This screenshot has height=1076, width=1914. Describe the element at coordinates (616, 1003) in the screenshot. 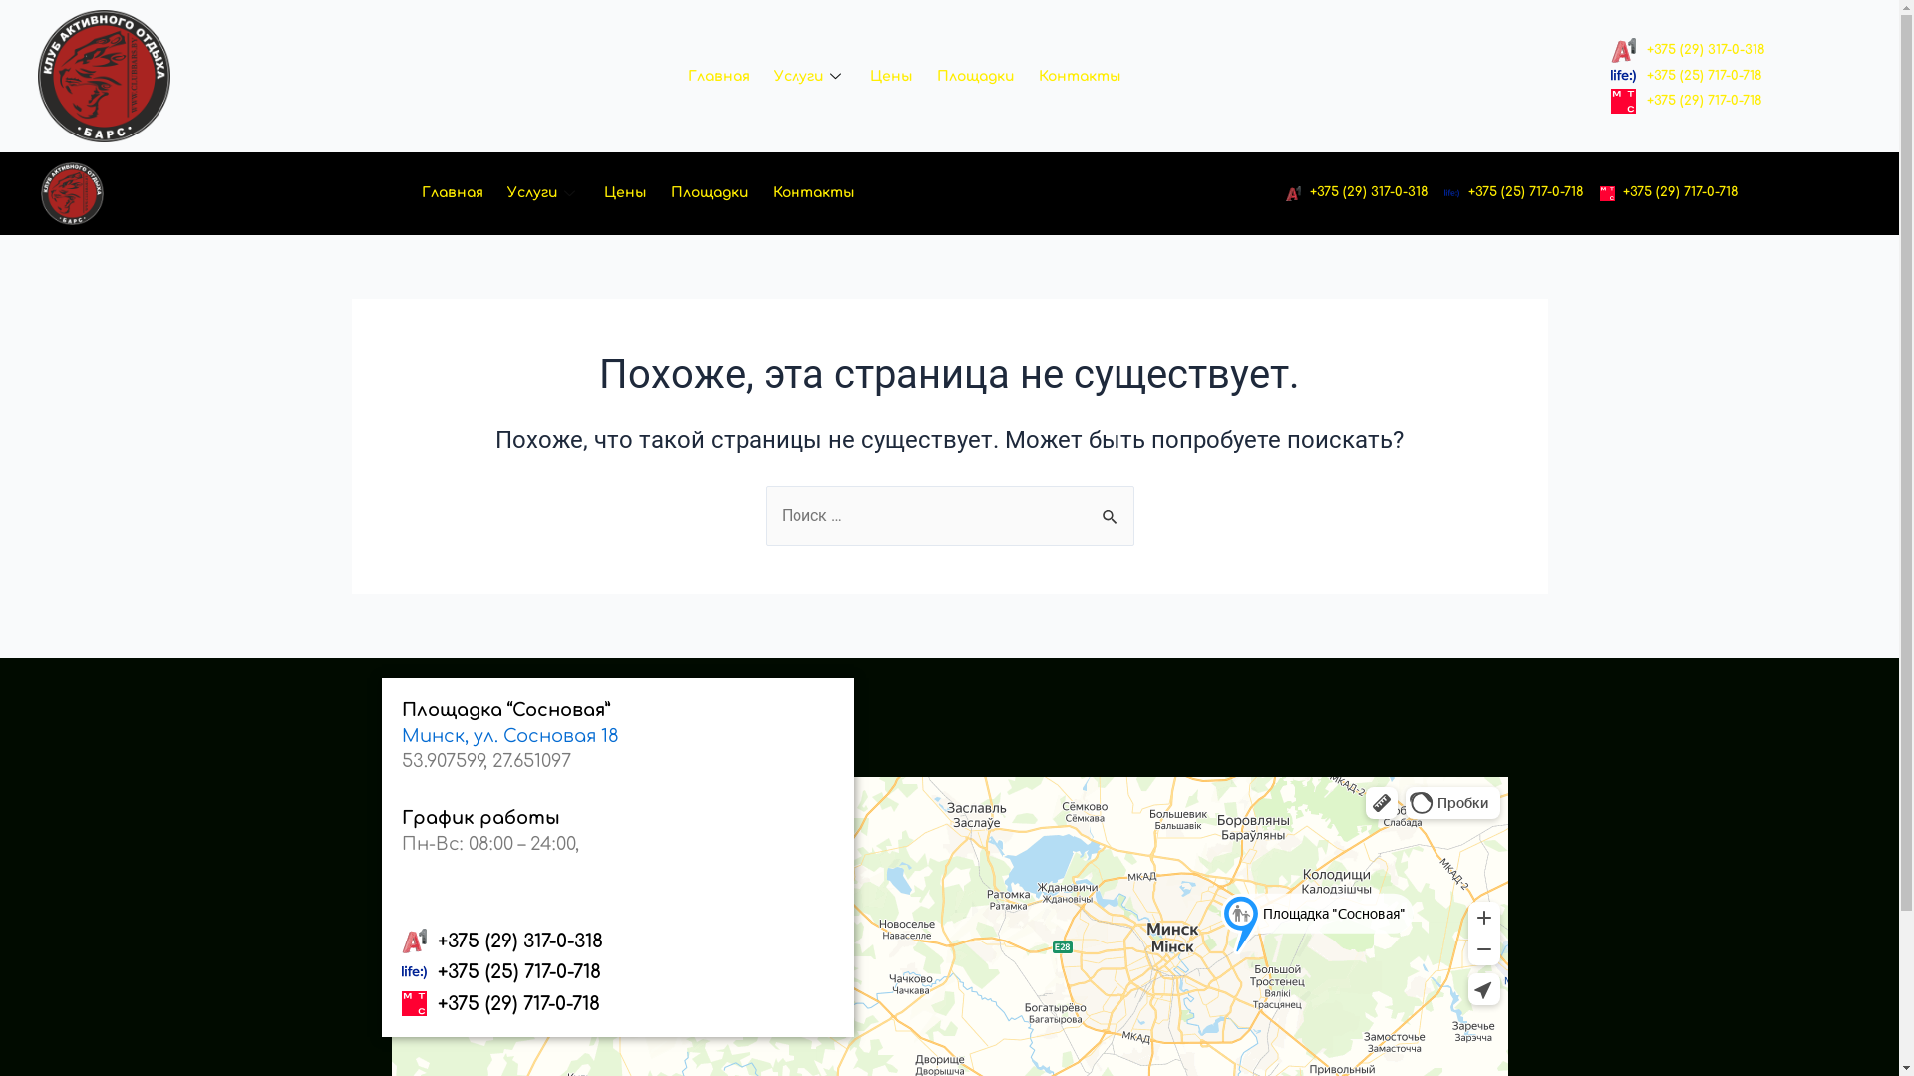

I see `'+375 (29) 717-0-718'` at that location.